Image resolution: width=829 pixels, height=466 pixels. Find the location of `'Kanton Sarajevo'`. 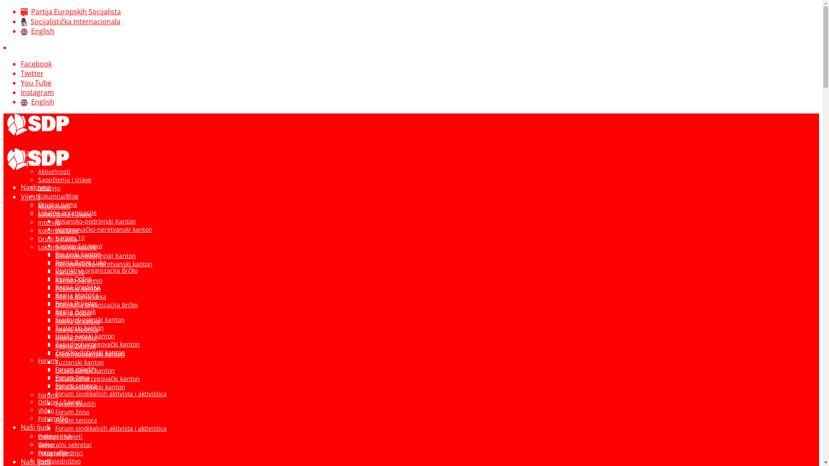

'Kanton Sarajevo' is located at coordinates (79, 246).